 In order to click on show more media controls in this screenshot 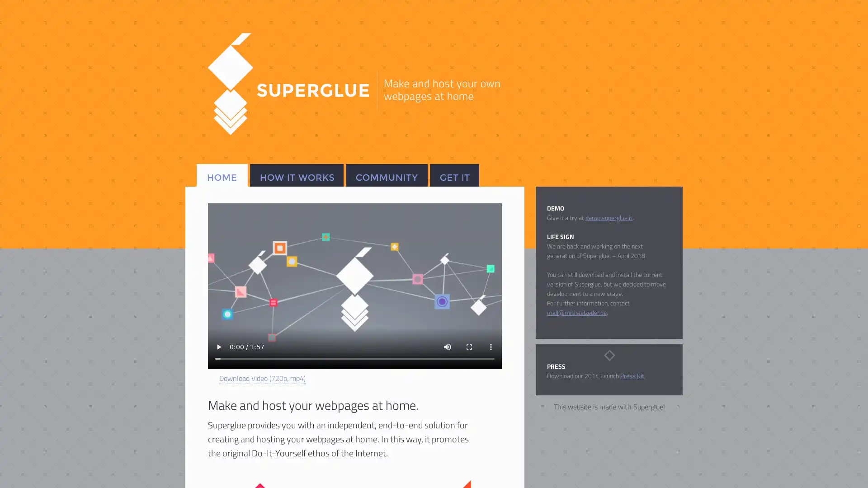, I will do `click(490, 346)`.